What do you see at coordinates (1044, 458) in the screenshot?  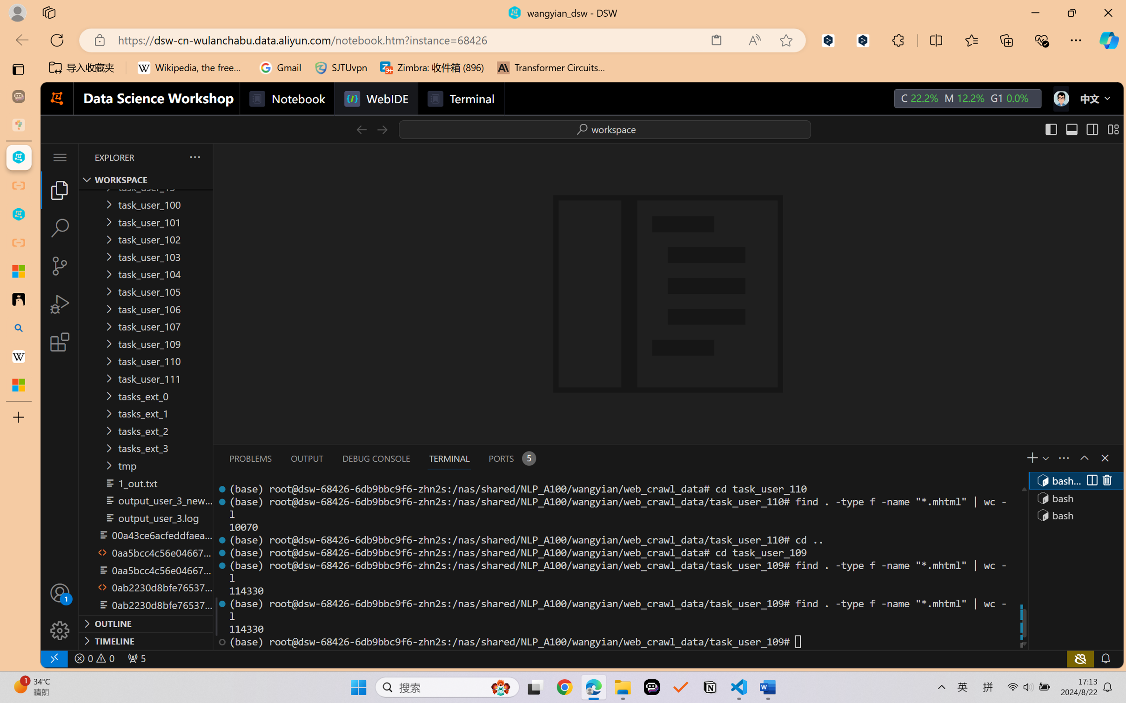 I see `'Launch Profile...'` at bounding box center [1044, 458].